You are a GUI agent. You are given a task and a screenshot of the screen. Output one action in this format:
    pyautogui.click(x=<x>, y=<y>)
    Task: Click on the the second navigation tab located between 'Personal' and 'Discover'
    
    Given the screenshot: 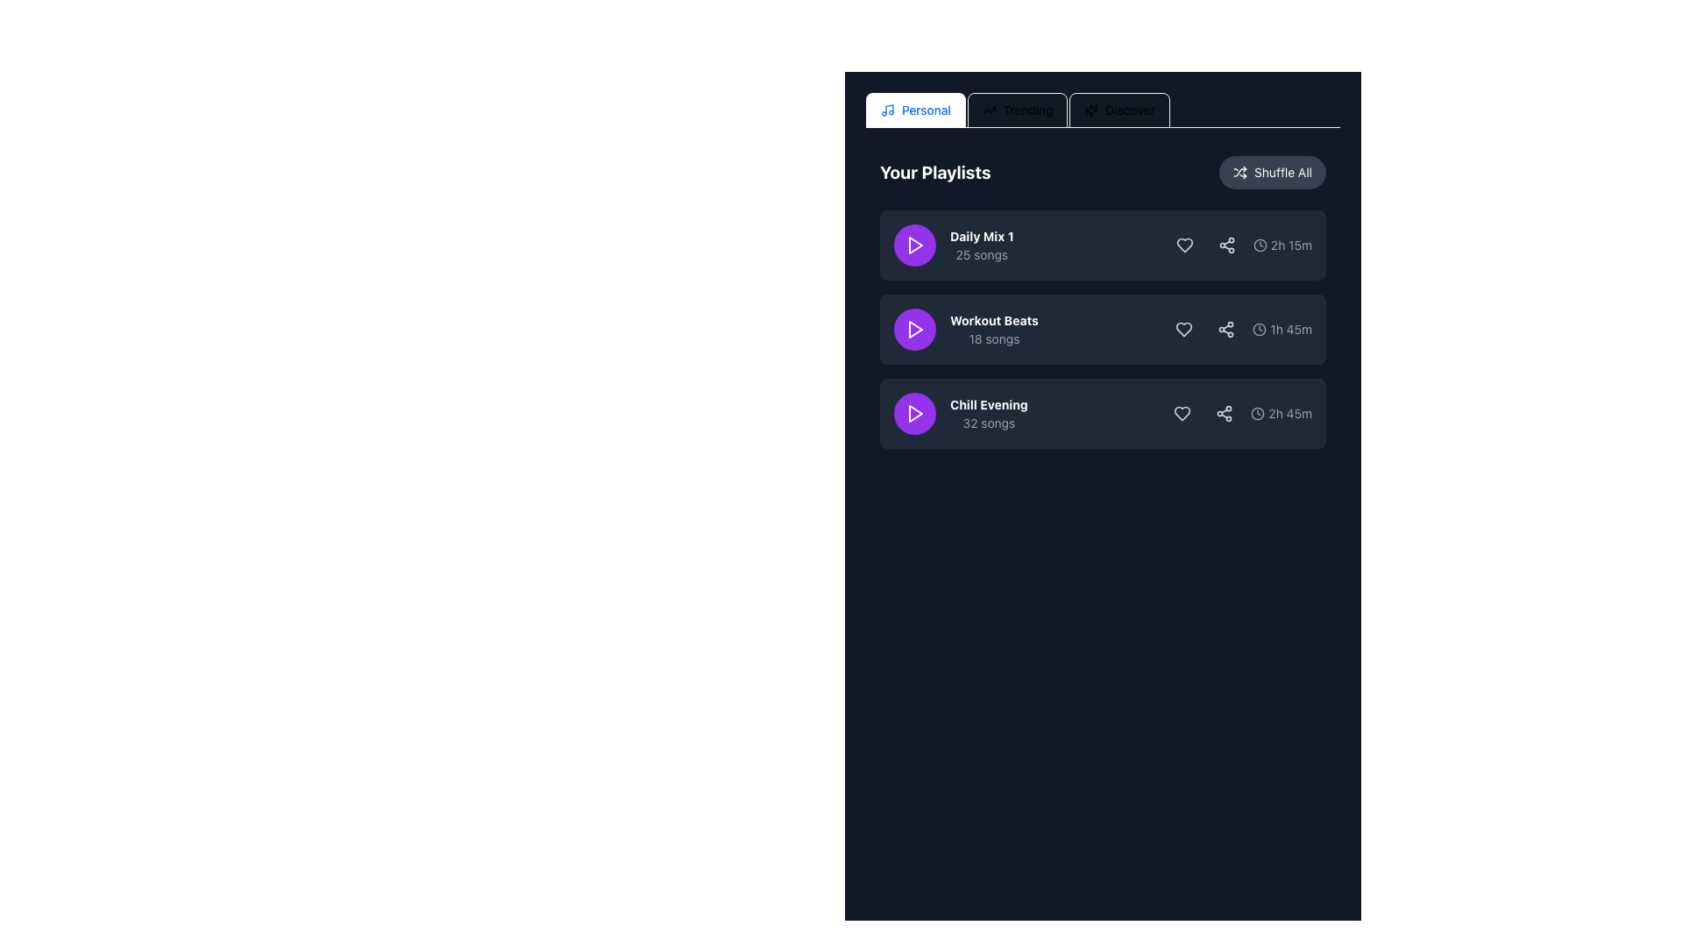 What is the action you would take?
    pyautogui.click(x=1018, y=110)
    